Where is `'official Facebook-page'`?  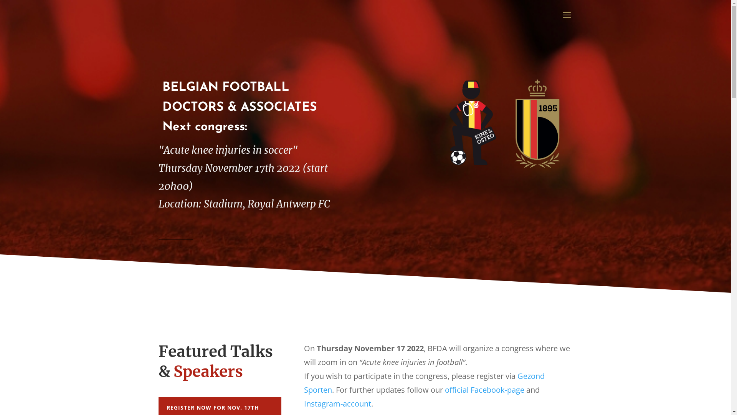 'official Facebook-page' is located at coordinates (484, 390).